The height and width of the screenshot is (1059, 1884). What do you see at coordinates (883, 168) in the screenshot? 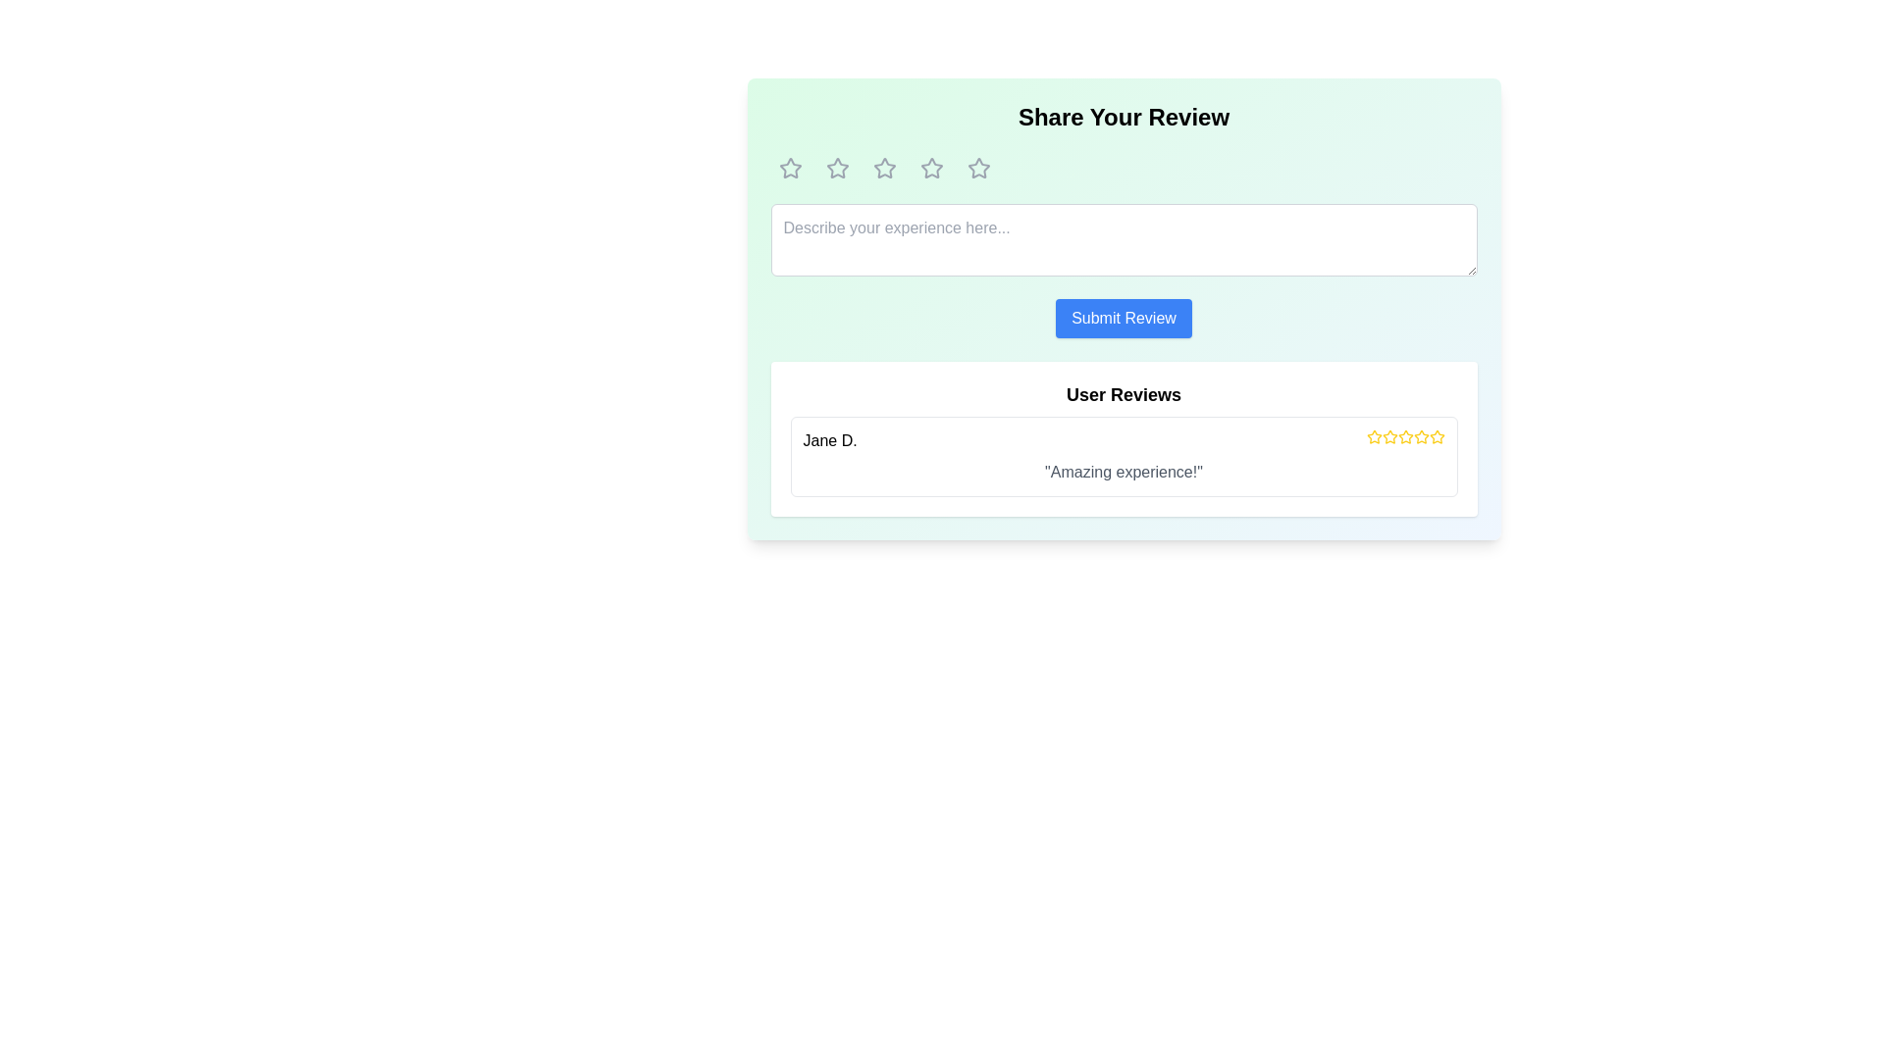
I see `the second star icon from the left in the rating component` at bounding box center [883, 168].